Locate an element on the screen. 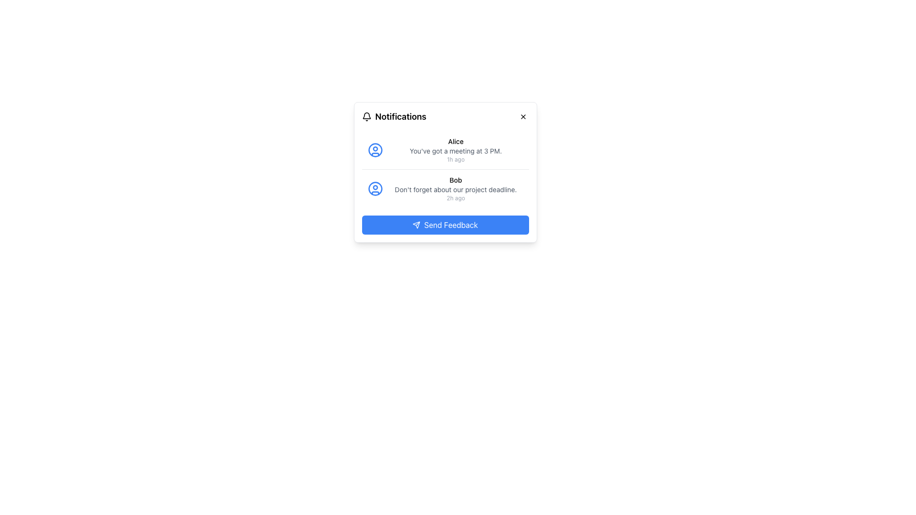  the static text element that informs the user about the project deadline, located below the name 'Bob' and above the timestamp '2h ago' is located at coordinates (455, 189).